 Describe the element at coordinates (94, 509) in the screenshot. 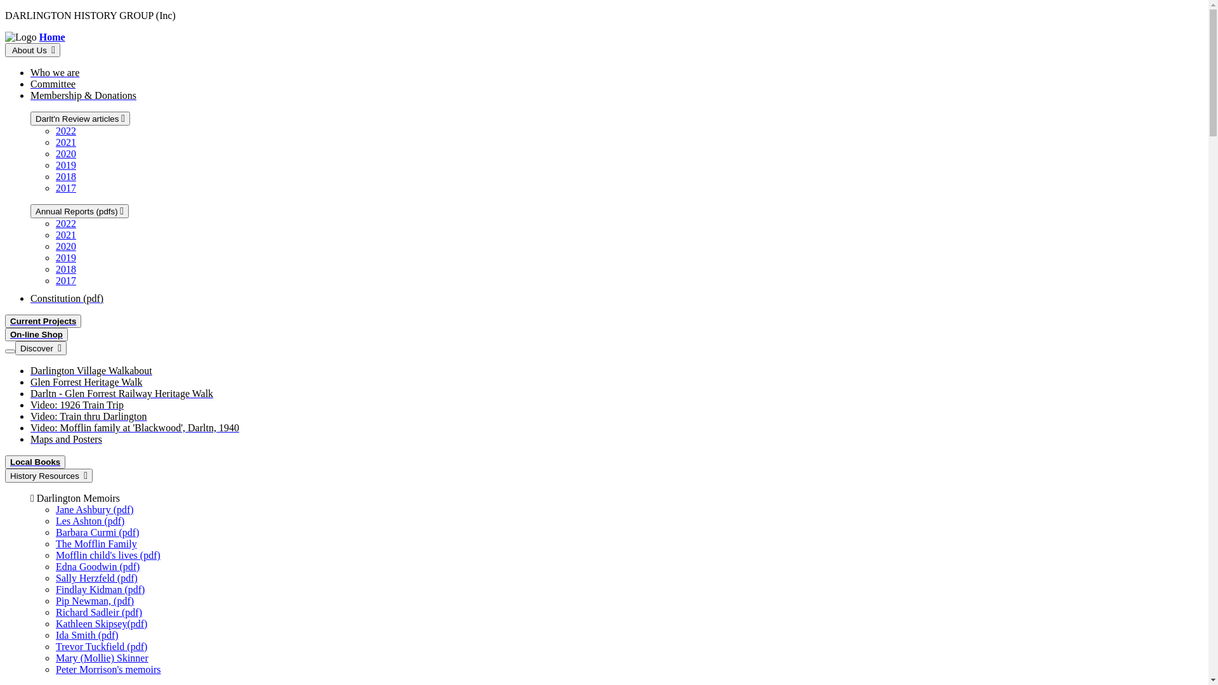

I see `'Jane Ashbury (pdf)'` at that location.